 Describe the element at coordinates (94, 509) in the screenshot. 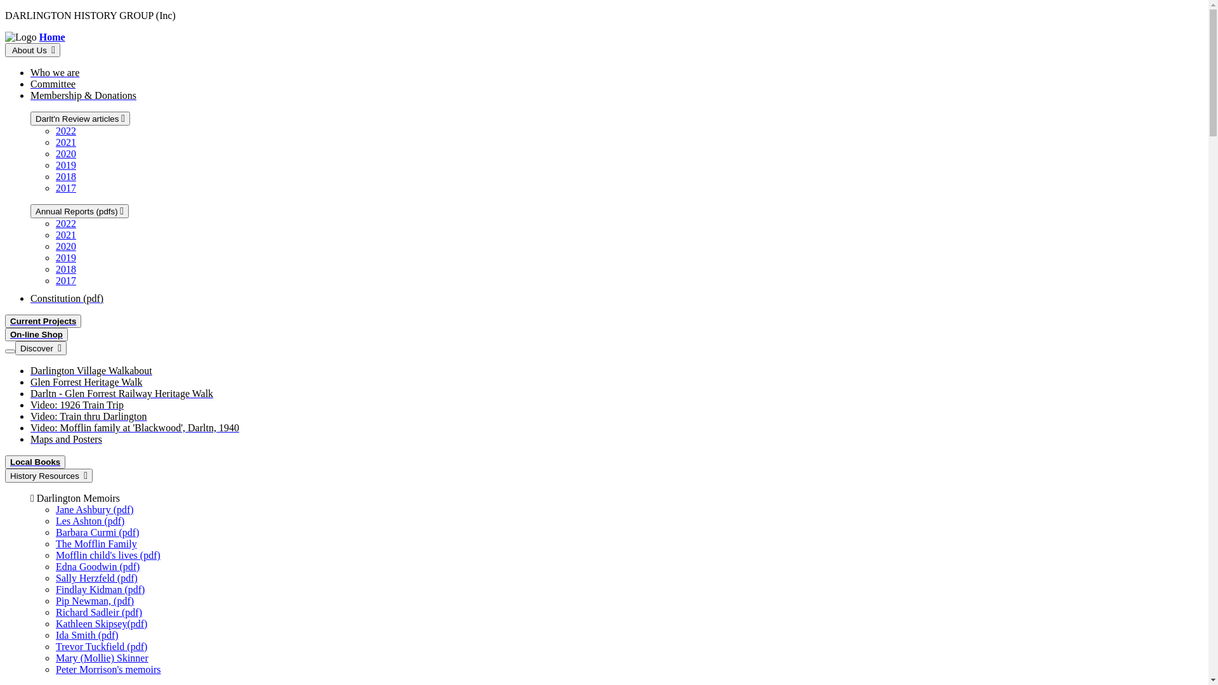

I see `'Jane Ashbury (pdf)'` at that location.